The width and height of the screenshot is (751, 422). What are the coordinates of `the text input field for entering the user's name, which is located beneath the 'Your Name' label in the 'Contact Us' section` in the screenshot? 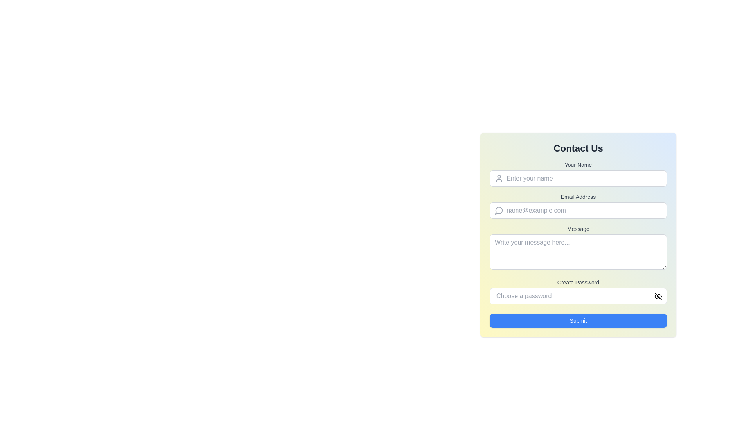 It's located at (578, 173).